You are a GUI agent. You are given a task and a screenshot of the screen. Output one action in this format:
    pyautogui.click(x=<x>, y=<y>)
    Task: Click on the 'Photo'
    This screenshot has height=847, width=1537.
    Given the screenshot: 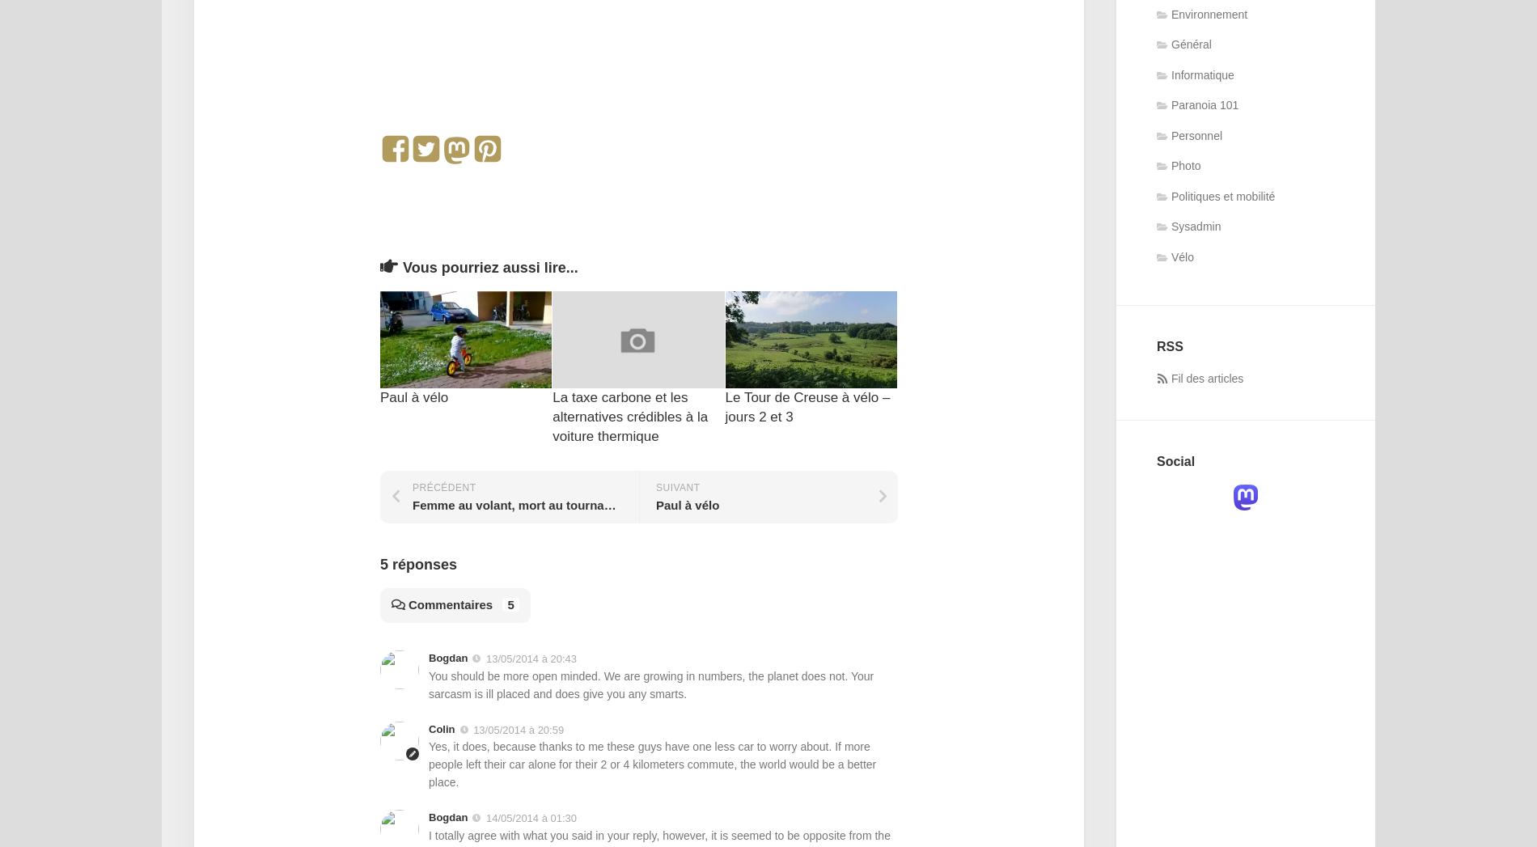 What is the action you would take?
    pyautogui.click(x=1171, y=165)
    